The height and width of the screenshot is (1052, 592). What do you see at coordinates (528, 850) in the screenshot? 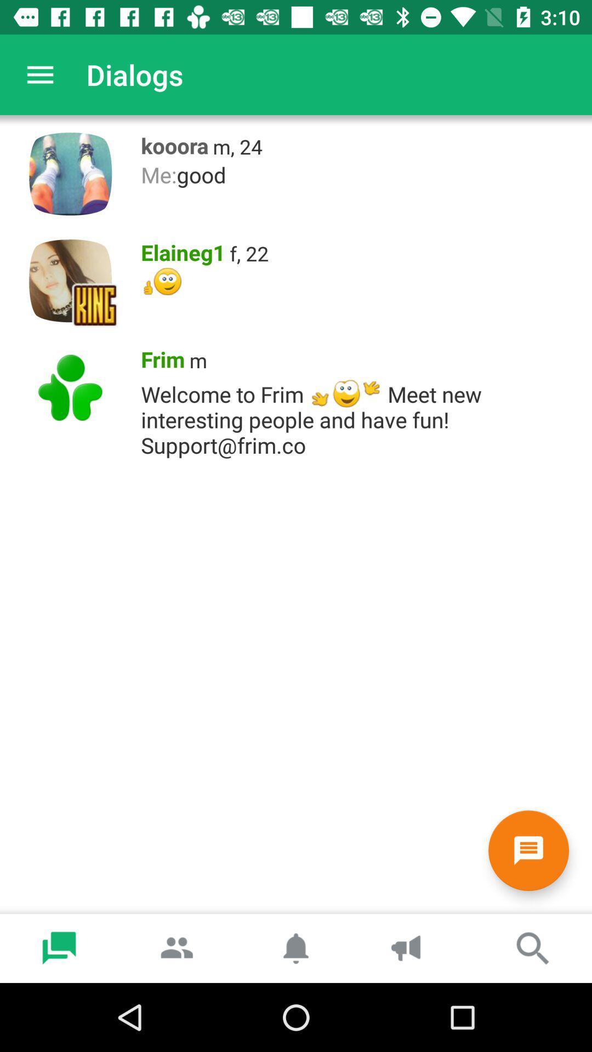
I see `item below the welcome to frim` at bounding box center [528, 850].